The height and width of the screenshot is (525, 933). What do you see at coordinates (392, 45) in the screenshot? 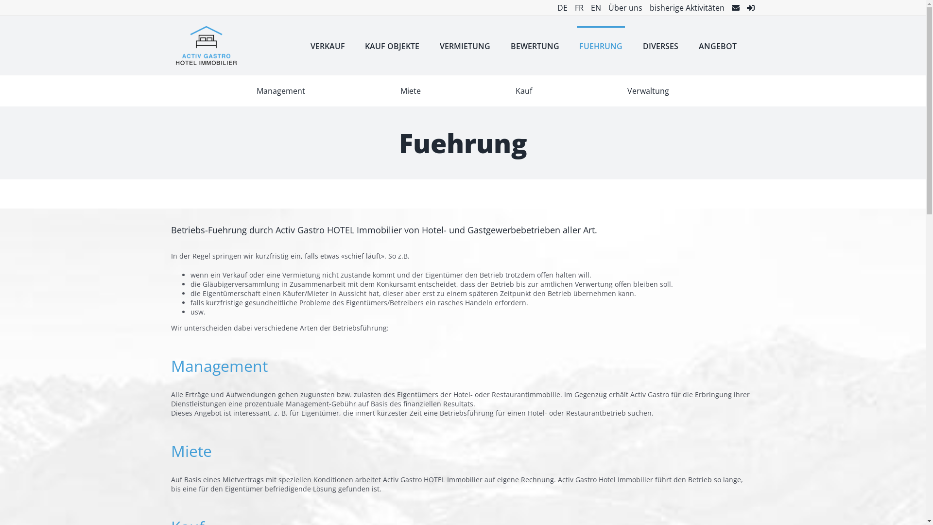
I see `'KAUF OBJEKTE'` at bounding box center [392, 45].